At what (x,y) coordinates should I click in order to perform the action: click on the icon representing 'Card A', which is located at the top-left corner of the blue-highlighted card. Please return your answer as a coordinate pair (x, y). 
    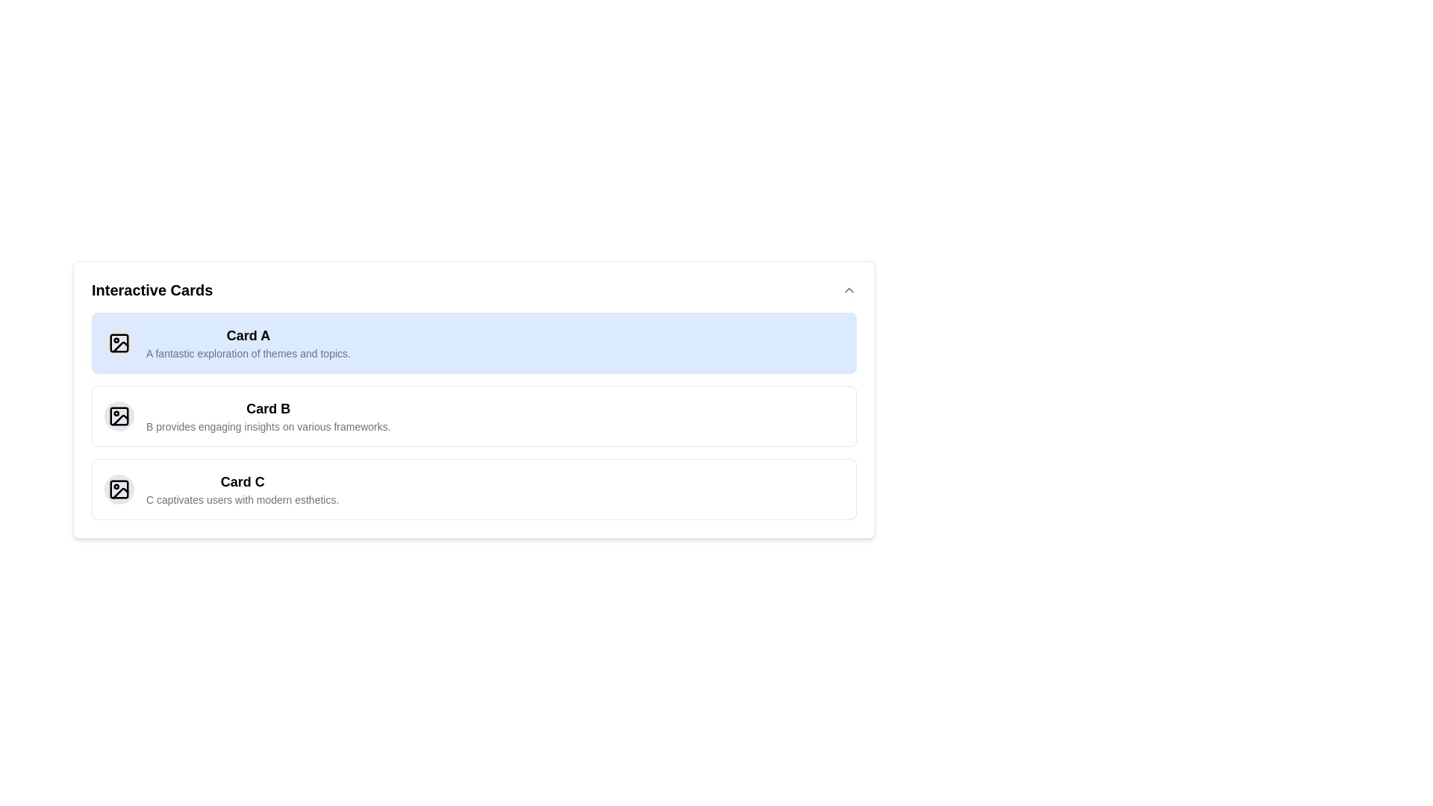
    Looking at the image, I should click on (118, 343).